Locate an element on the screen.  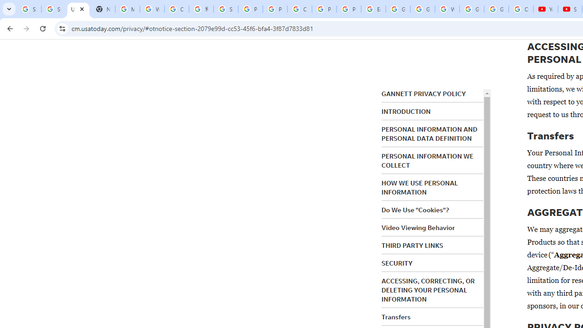
'Google Slides: Sign-in' is located at coordinates (398, 9).